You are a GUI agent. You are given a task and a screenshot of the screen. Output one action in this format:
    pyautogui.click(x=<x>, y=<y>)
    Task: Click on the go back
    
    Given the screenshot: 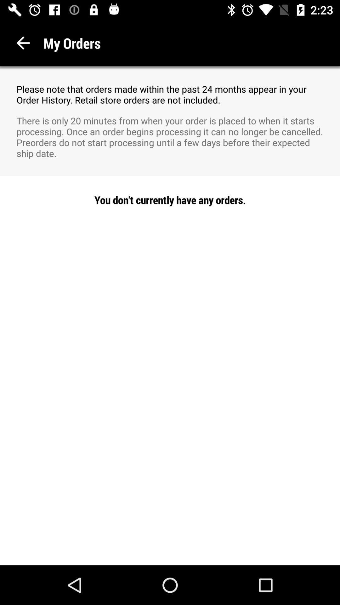 What is the action you would take?
    pyautogui.click(x=23, y=43)
    